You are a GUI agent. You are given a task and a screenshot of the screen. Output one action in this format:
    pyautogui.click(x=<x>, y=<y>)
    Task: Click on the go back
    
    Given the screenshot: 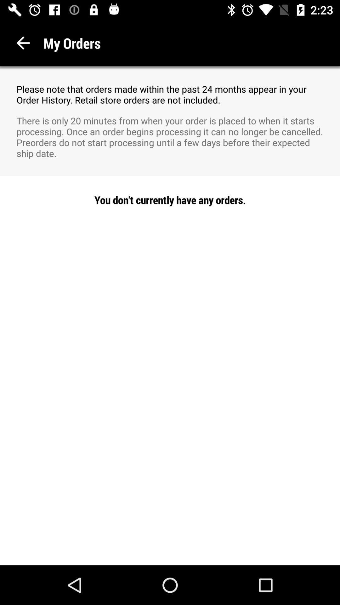 What is the action you would take?
    pyautogui.click(x=23, y=43)
    